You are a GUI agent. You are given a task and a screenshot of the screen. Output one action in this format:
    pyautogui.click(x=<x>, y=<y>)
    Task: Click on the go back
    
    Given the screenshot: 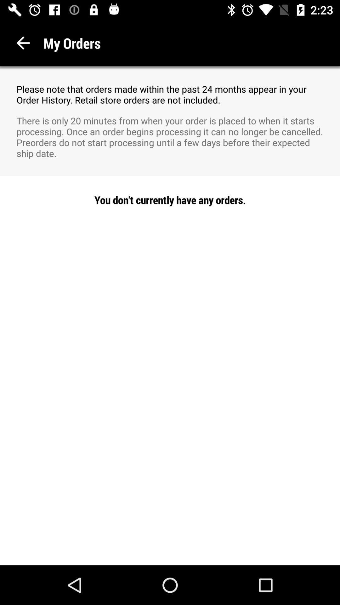 What is the action you would take?
    pyautogui.click(x=23, y=43)
    